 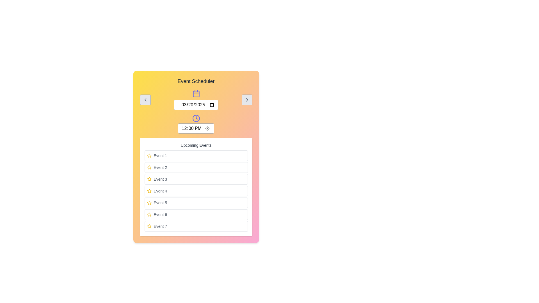 I want to click on the text of the 'Event 1' label, which identifies the first event in the list of upcoming events, positioned to the right of a star icon, so click(x=160, y=156).